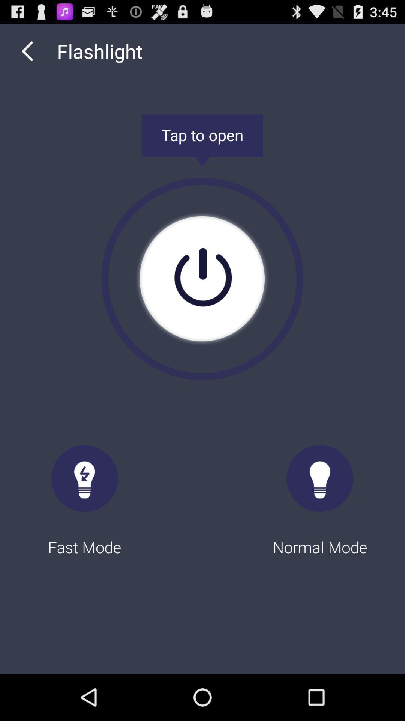  Describe the element at coordinates (27, 51) in the screenshot. I see `icon above the fast mode` at that location.